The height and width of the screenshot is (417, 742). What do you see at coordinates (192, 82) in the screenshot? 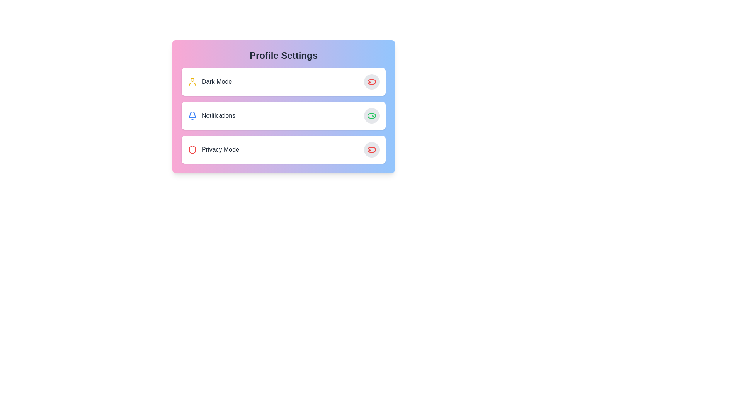
I see `the yellow user icon located to the left of the 'Dark Mode' item in the 'Profile Settings' menu` at bounding box center [192, 82].